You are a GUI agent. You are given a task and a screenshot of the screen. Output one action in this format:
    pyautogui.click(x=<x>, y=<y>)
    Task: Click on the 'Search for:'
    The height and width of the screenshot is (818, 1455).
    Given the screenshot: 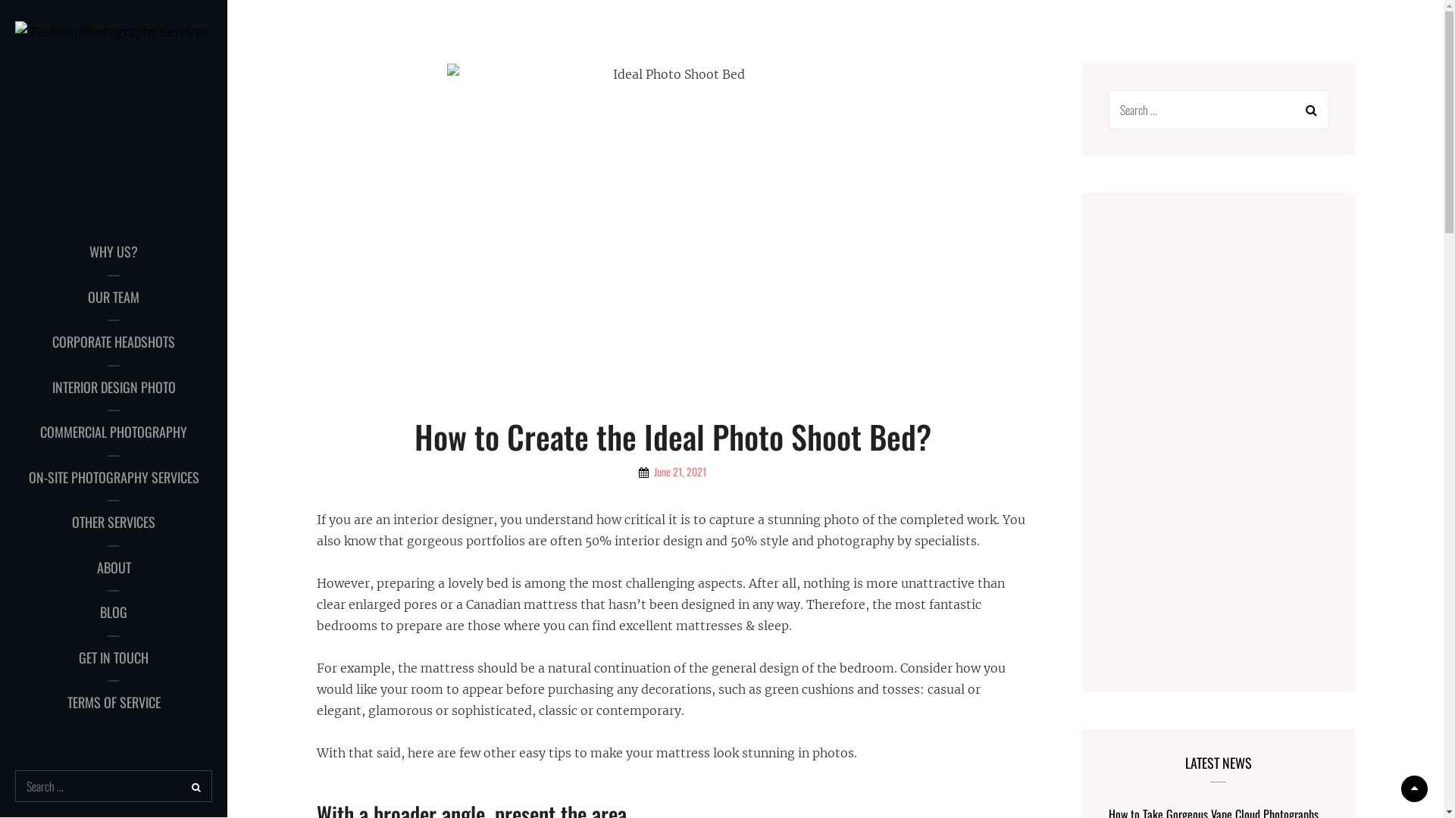 What is the action you would take?
    pyautogui.click(x=1219, y=109)
    